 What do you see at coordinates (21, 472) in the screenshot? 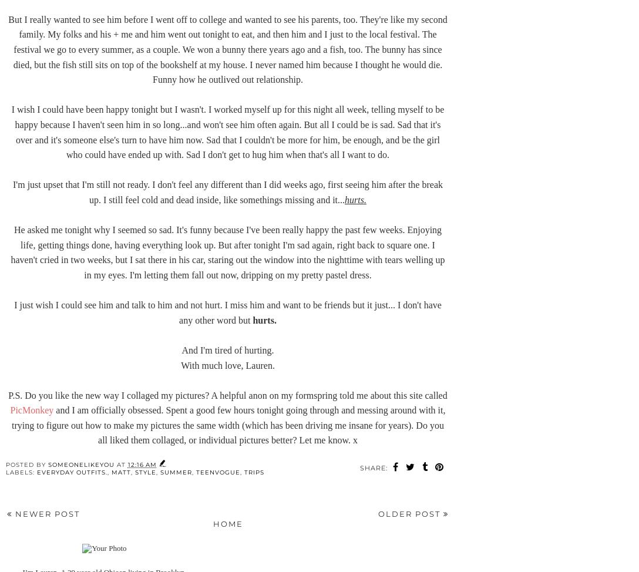
I see `'Labels:'` at bounding box center [21, 472].